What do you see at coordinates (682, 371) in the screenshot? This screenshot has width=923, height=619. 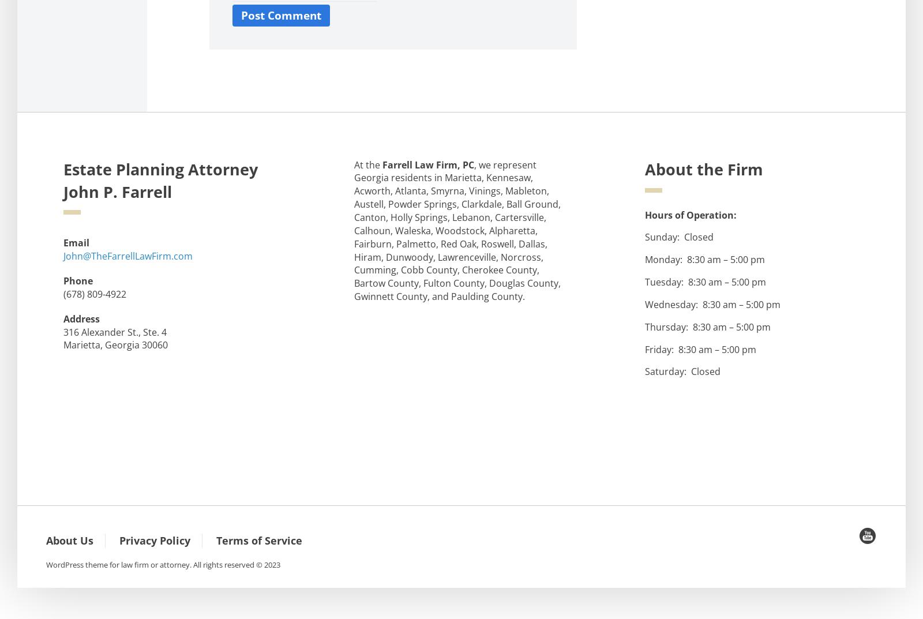 I see `'Saturday:  Closed'` at bounding box center [682, 371].